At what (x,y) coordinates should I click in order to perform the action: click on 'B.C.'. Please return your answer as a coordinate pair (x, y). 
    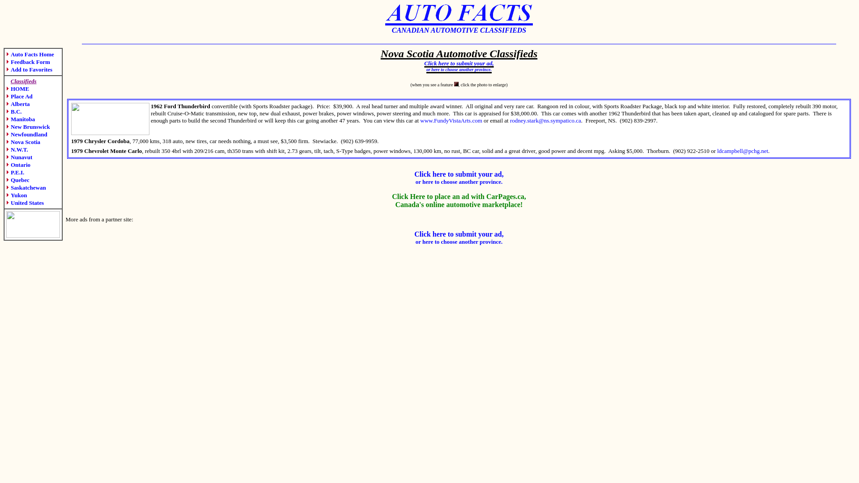
    Looking at the image, I should click on (14, 111).